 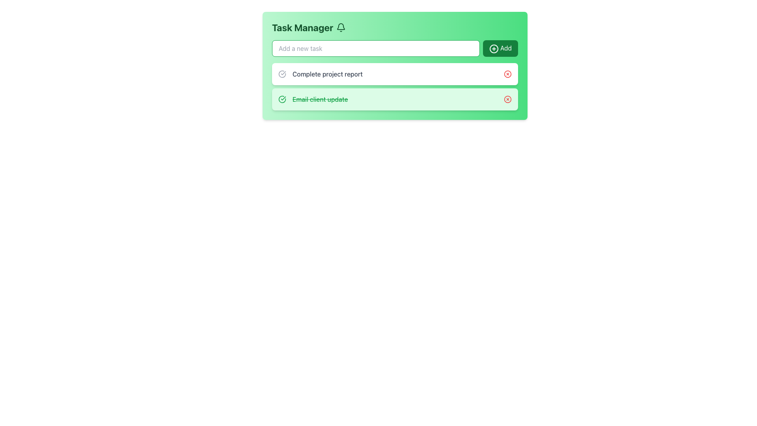 I want to click on the 'Add' button with a green background and white text, so click(x=500, y=49).